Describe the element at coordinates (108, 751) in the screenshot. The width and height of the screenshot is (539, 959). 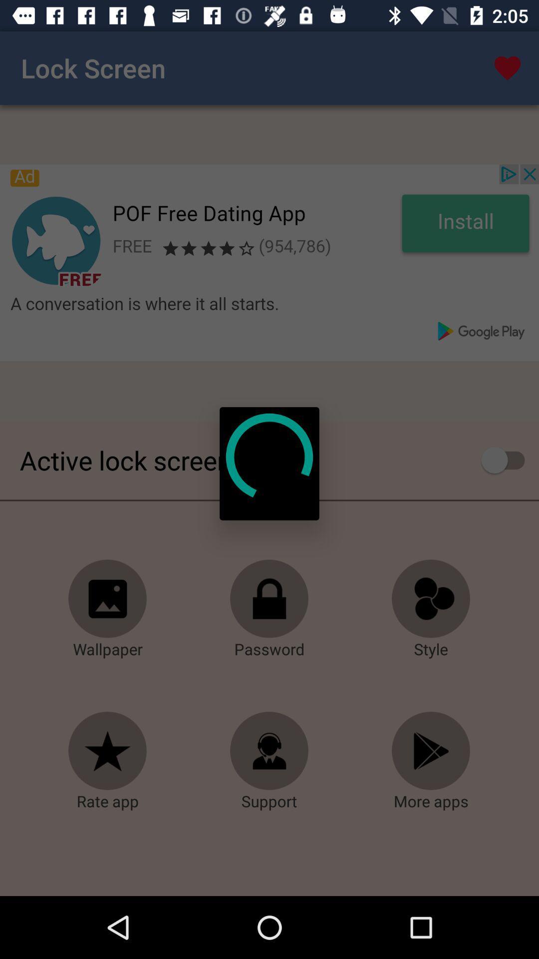
I see `opens a page to rate the app` at that location.